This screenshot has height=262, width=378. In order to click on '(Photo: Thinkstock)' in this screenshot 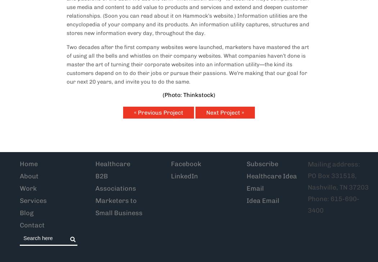, I will do `click(189, 95)`.